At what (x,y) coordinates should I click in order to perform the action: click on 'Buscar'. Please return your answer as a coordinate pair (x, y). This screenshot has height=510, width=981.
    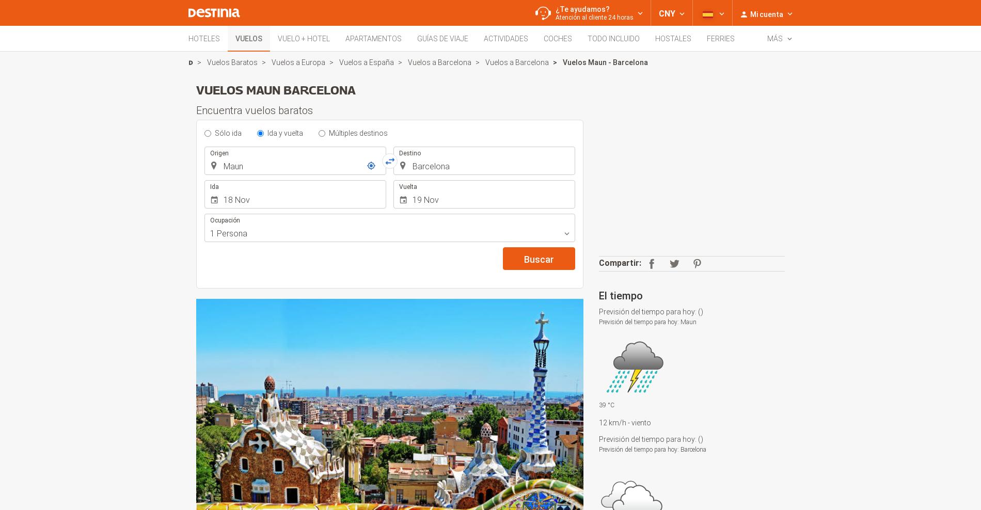
    Looking at the image, I should click on (539, 259).